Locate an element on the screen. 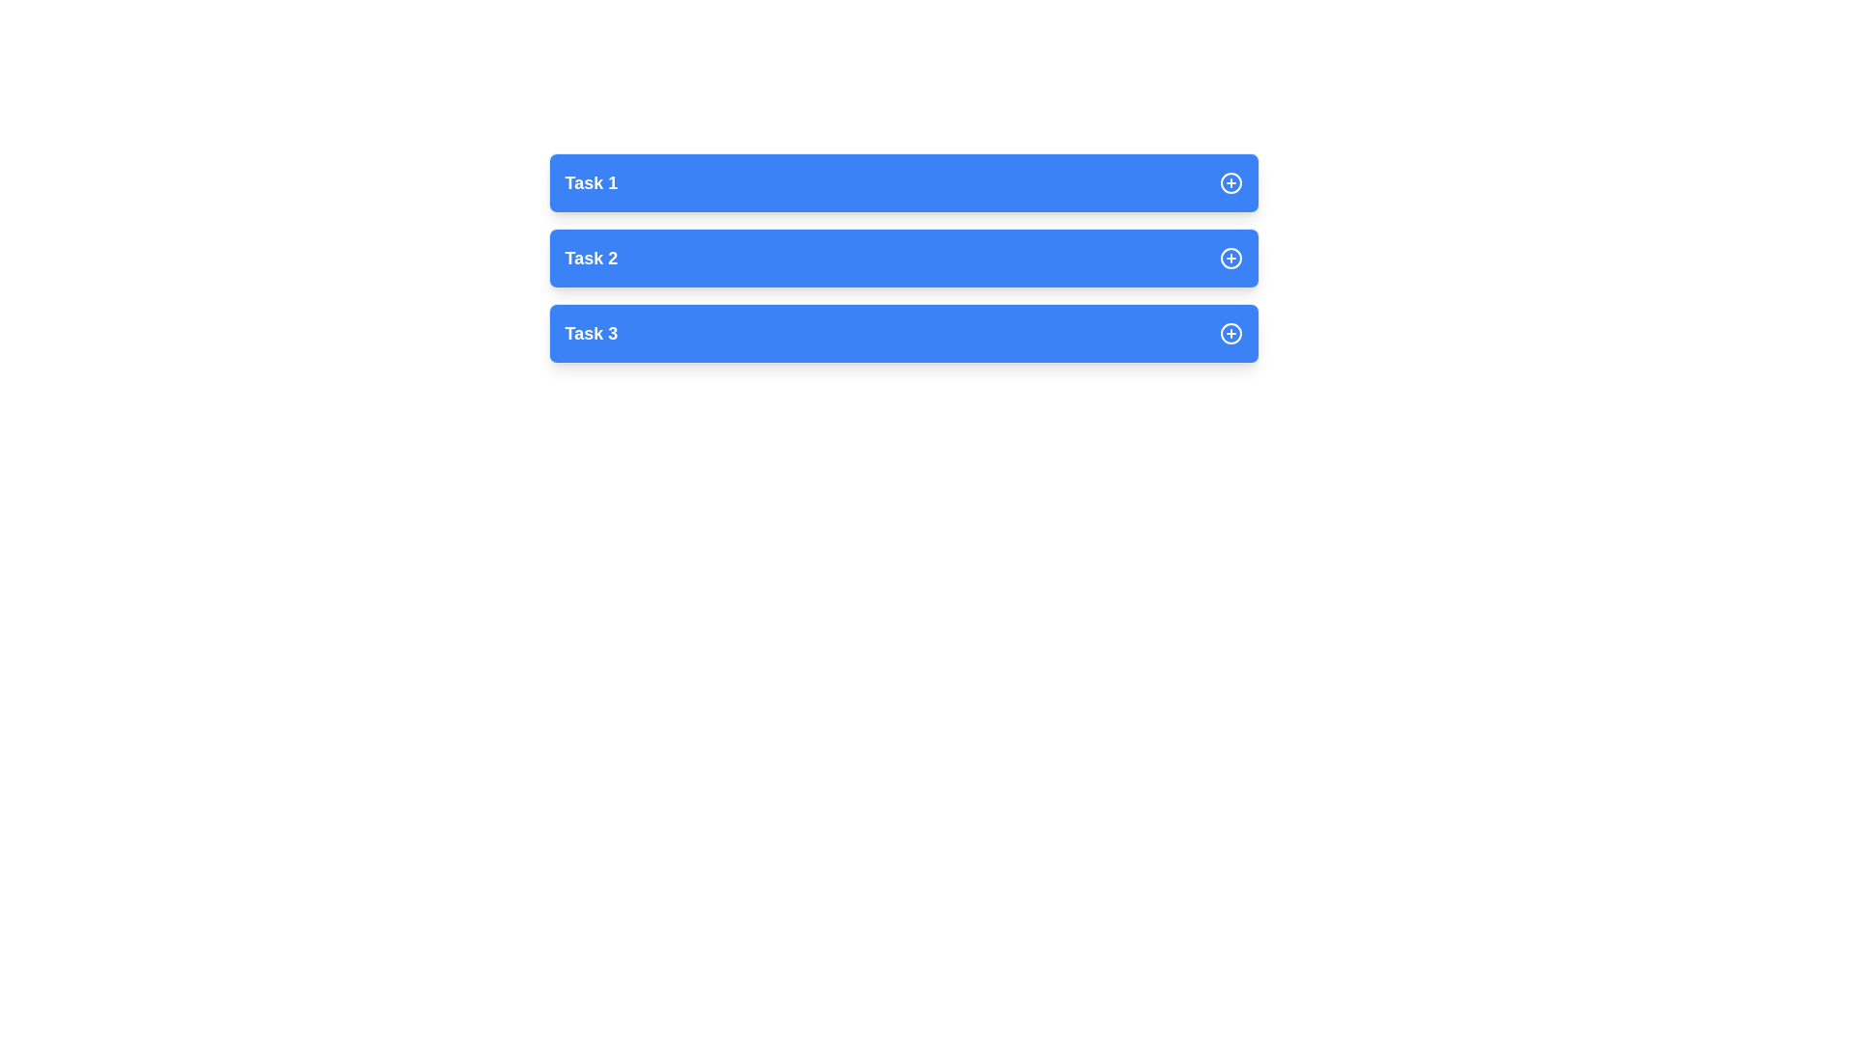  the inner circle icon located at the right end of the 'Task 1' bar in the vertical list of three blue horizontal bars is located at coordinates (1230, 182).